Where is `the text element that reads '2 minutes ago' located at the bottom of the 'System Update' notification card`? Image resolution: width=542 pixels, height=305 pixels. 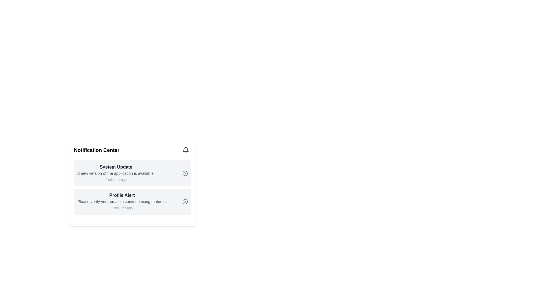
the text element that reads '2 minutes ago' located at the bottom of the 'System Update' notification card is located at coordinates (116, 180).